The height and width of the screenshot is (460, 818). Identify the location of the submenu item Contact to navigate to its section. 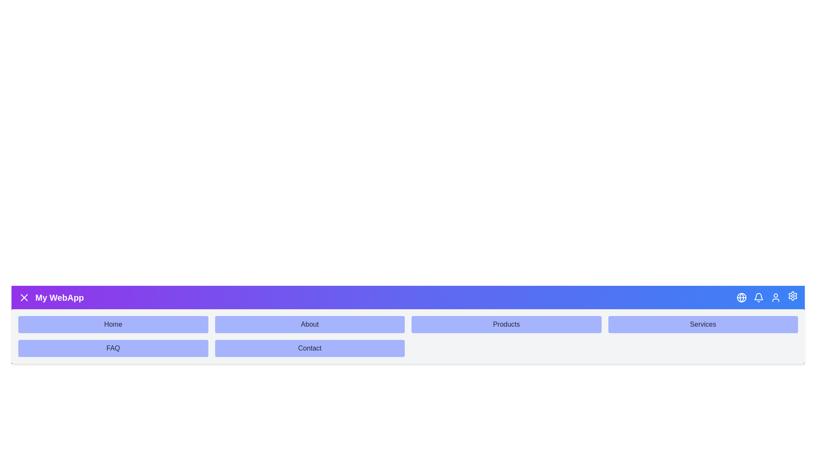
(309, 348).